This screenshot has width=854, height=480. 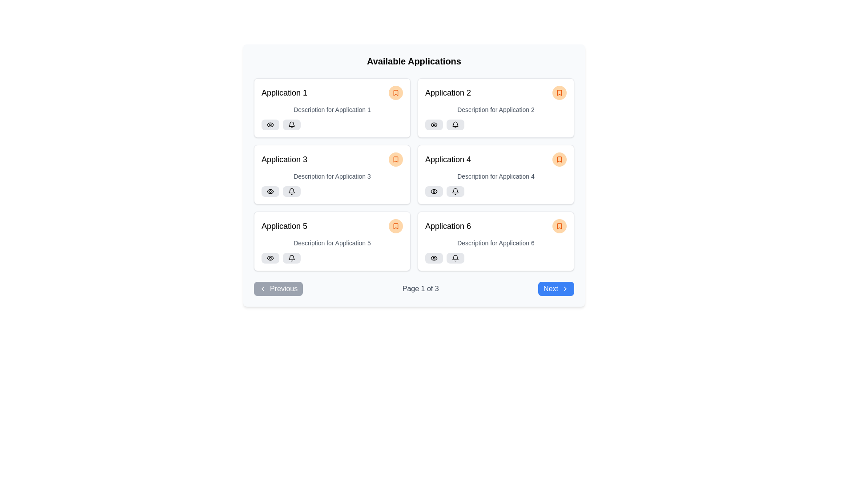 I want to click on the eye-shaped icon in the control area beneath the application card for 'Application 3', so click(x=270, y=191).